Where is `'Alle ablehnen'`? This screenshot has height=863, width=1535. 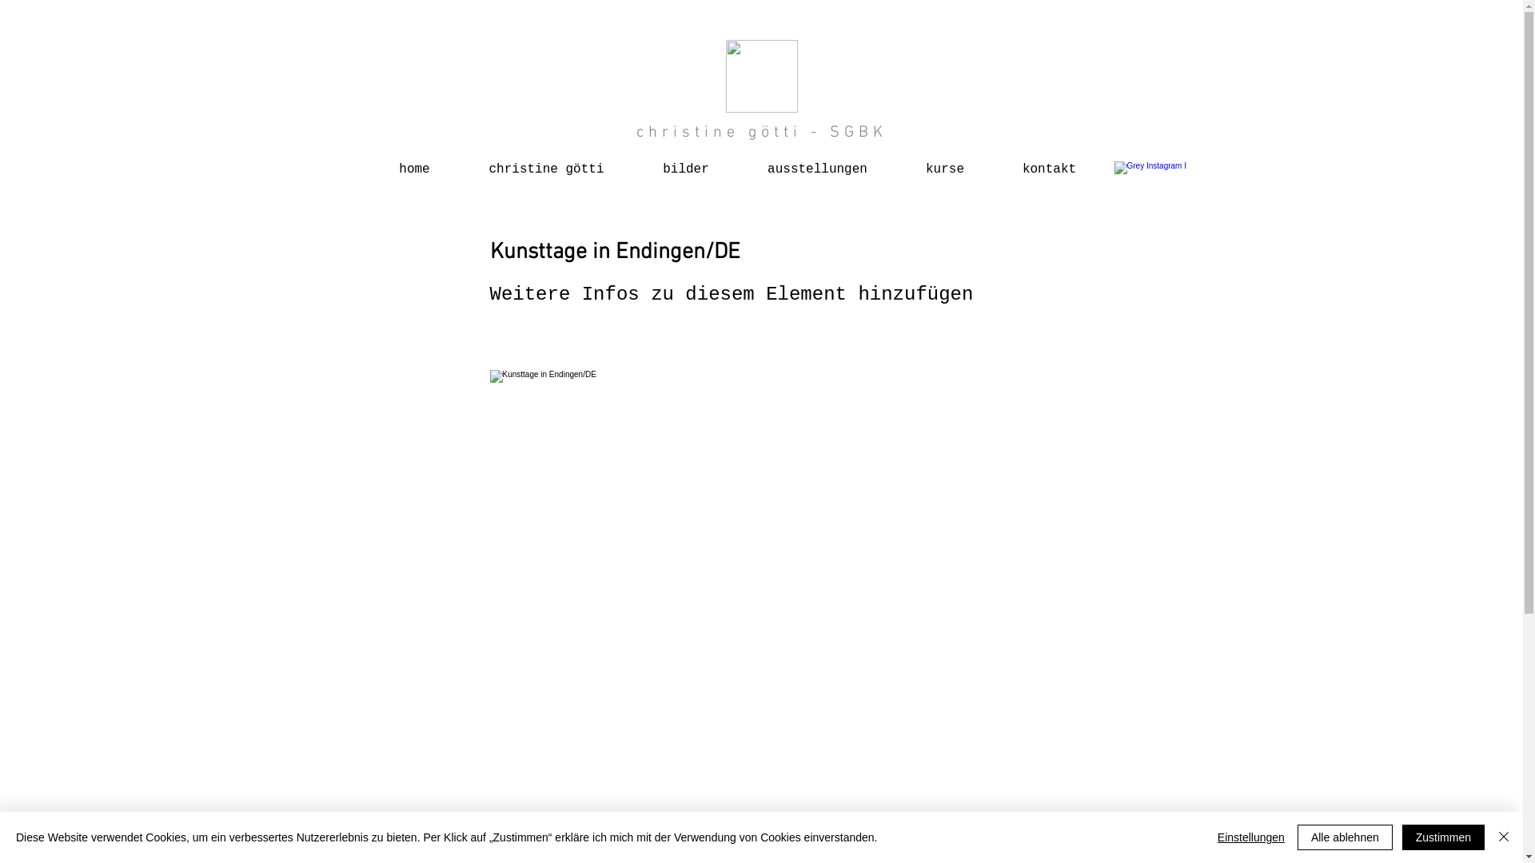
'Alle ablehnen' is located at coordinates (1344, 837).